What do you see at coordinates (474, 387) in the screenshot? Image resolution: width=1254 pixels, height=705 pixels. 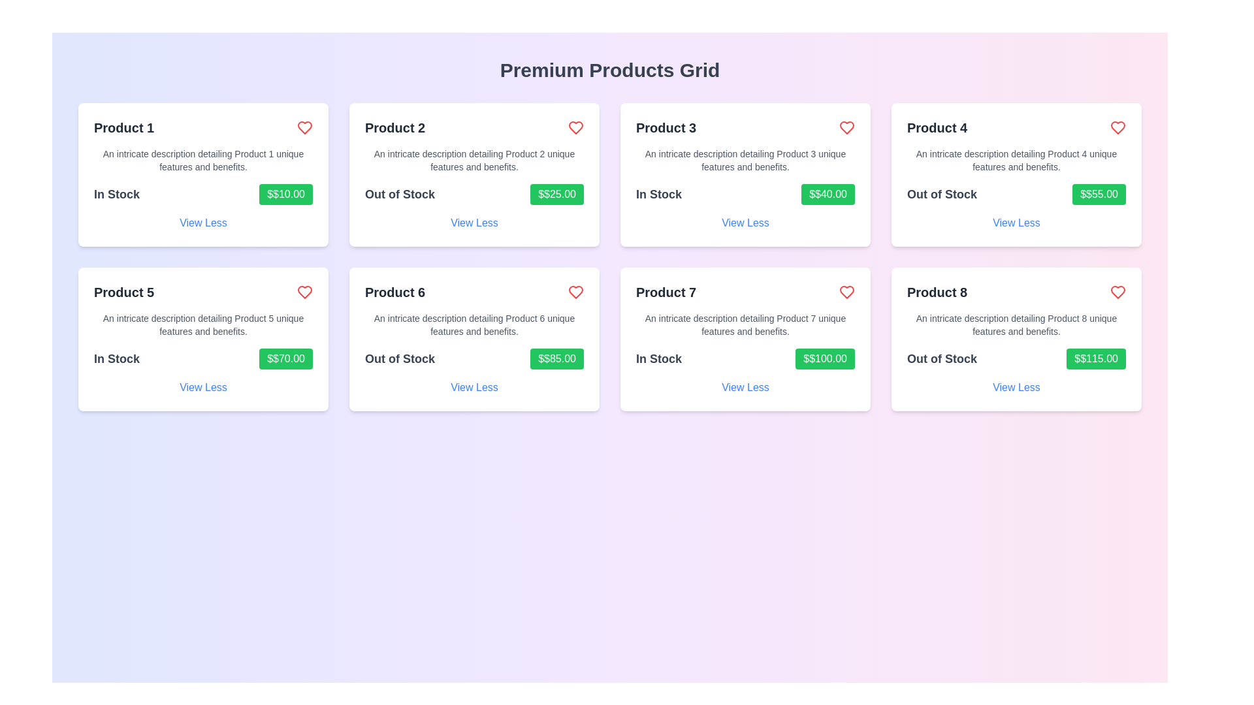 I see `the hyperlink located in the bottom-right section of the 'Product 6' card` at bounding box center [474, 387].